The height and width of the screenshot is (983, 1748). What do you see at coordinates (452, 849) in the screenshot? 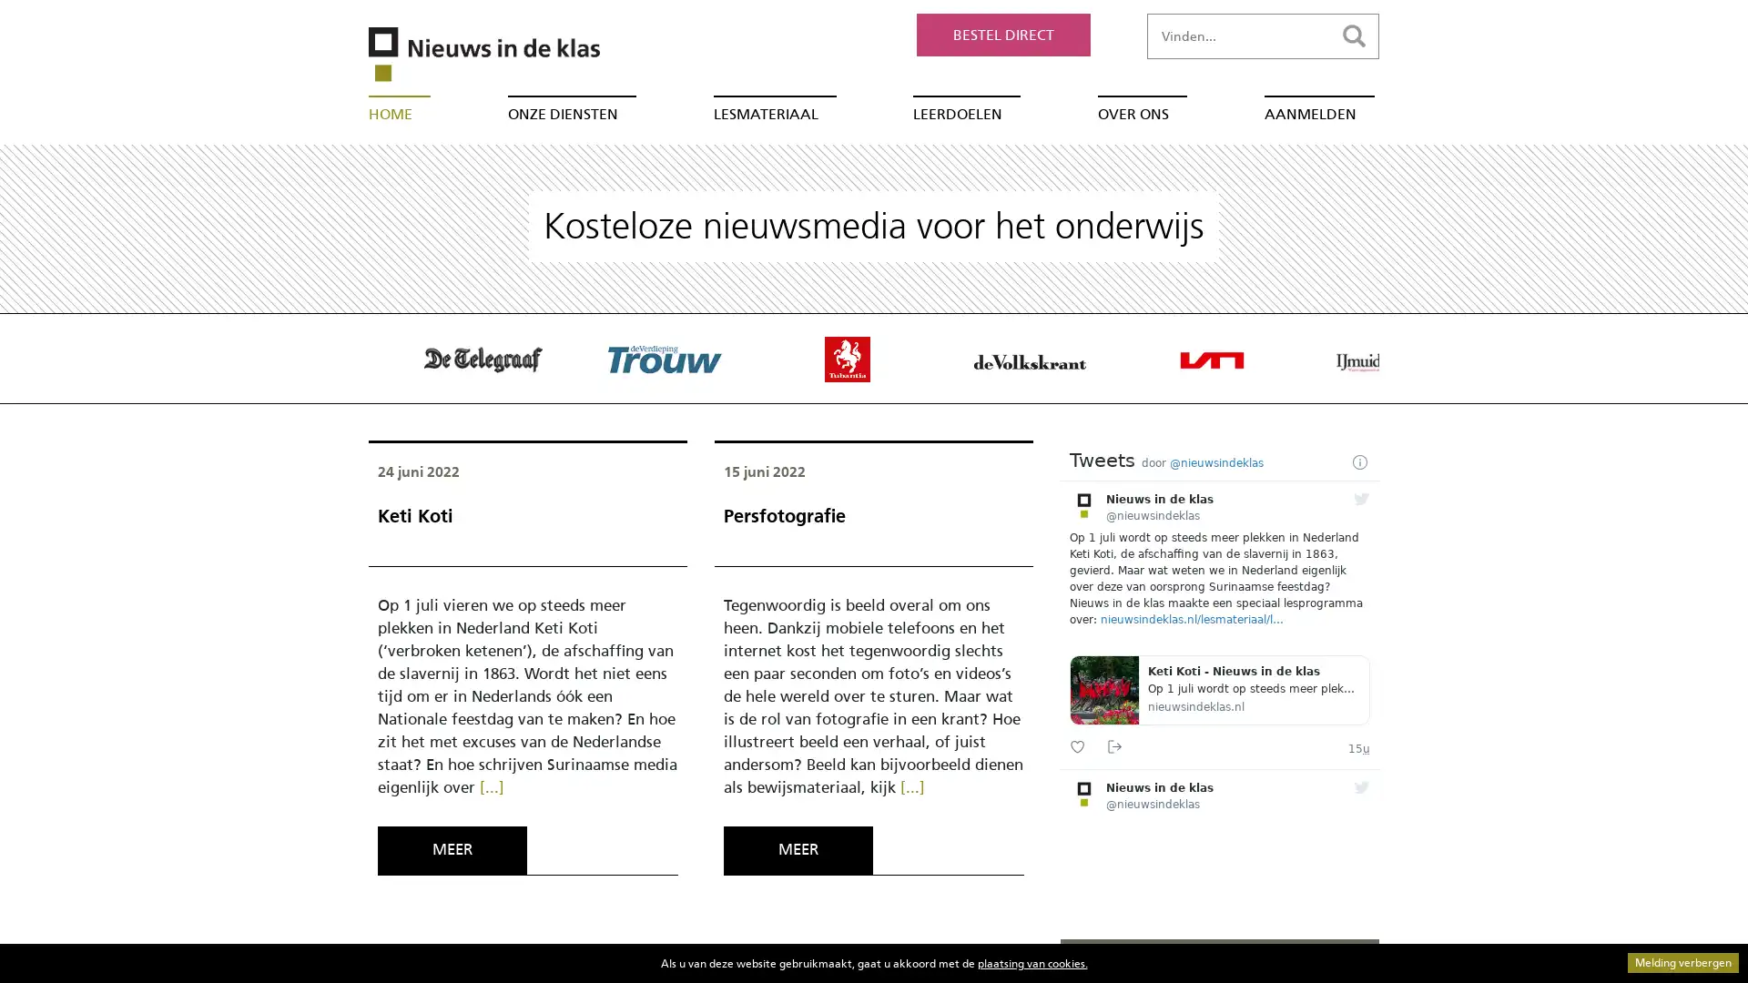
I see `MEER` at bounding box center [452, 849].